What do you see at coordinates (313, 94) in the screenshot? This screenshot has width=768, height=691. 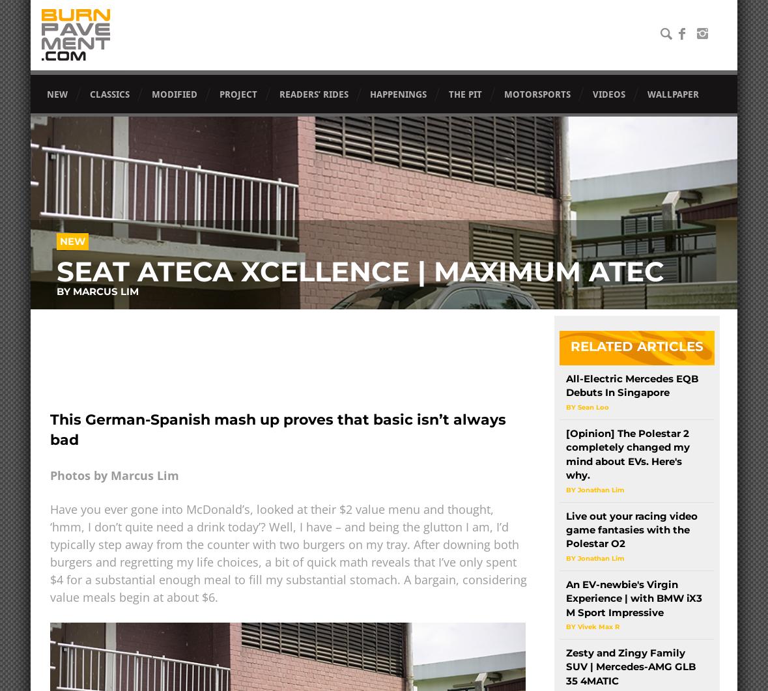 I see `'Readers’ Rides'` at bounding box center [313, 94].